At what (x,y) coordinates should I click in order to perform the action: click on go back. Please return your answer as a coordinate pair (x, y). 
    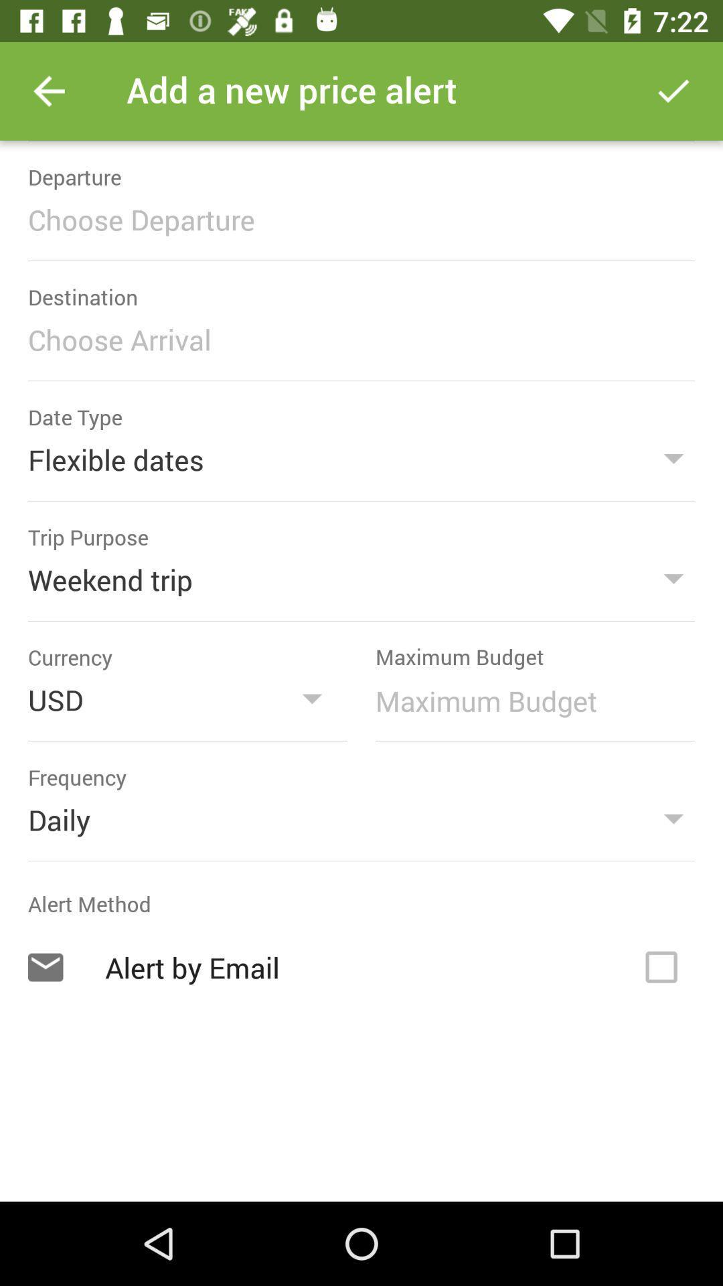
    Looking at the image, I should click on (48, 90).